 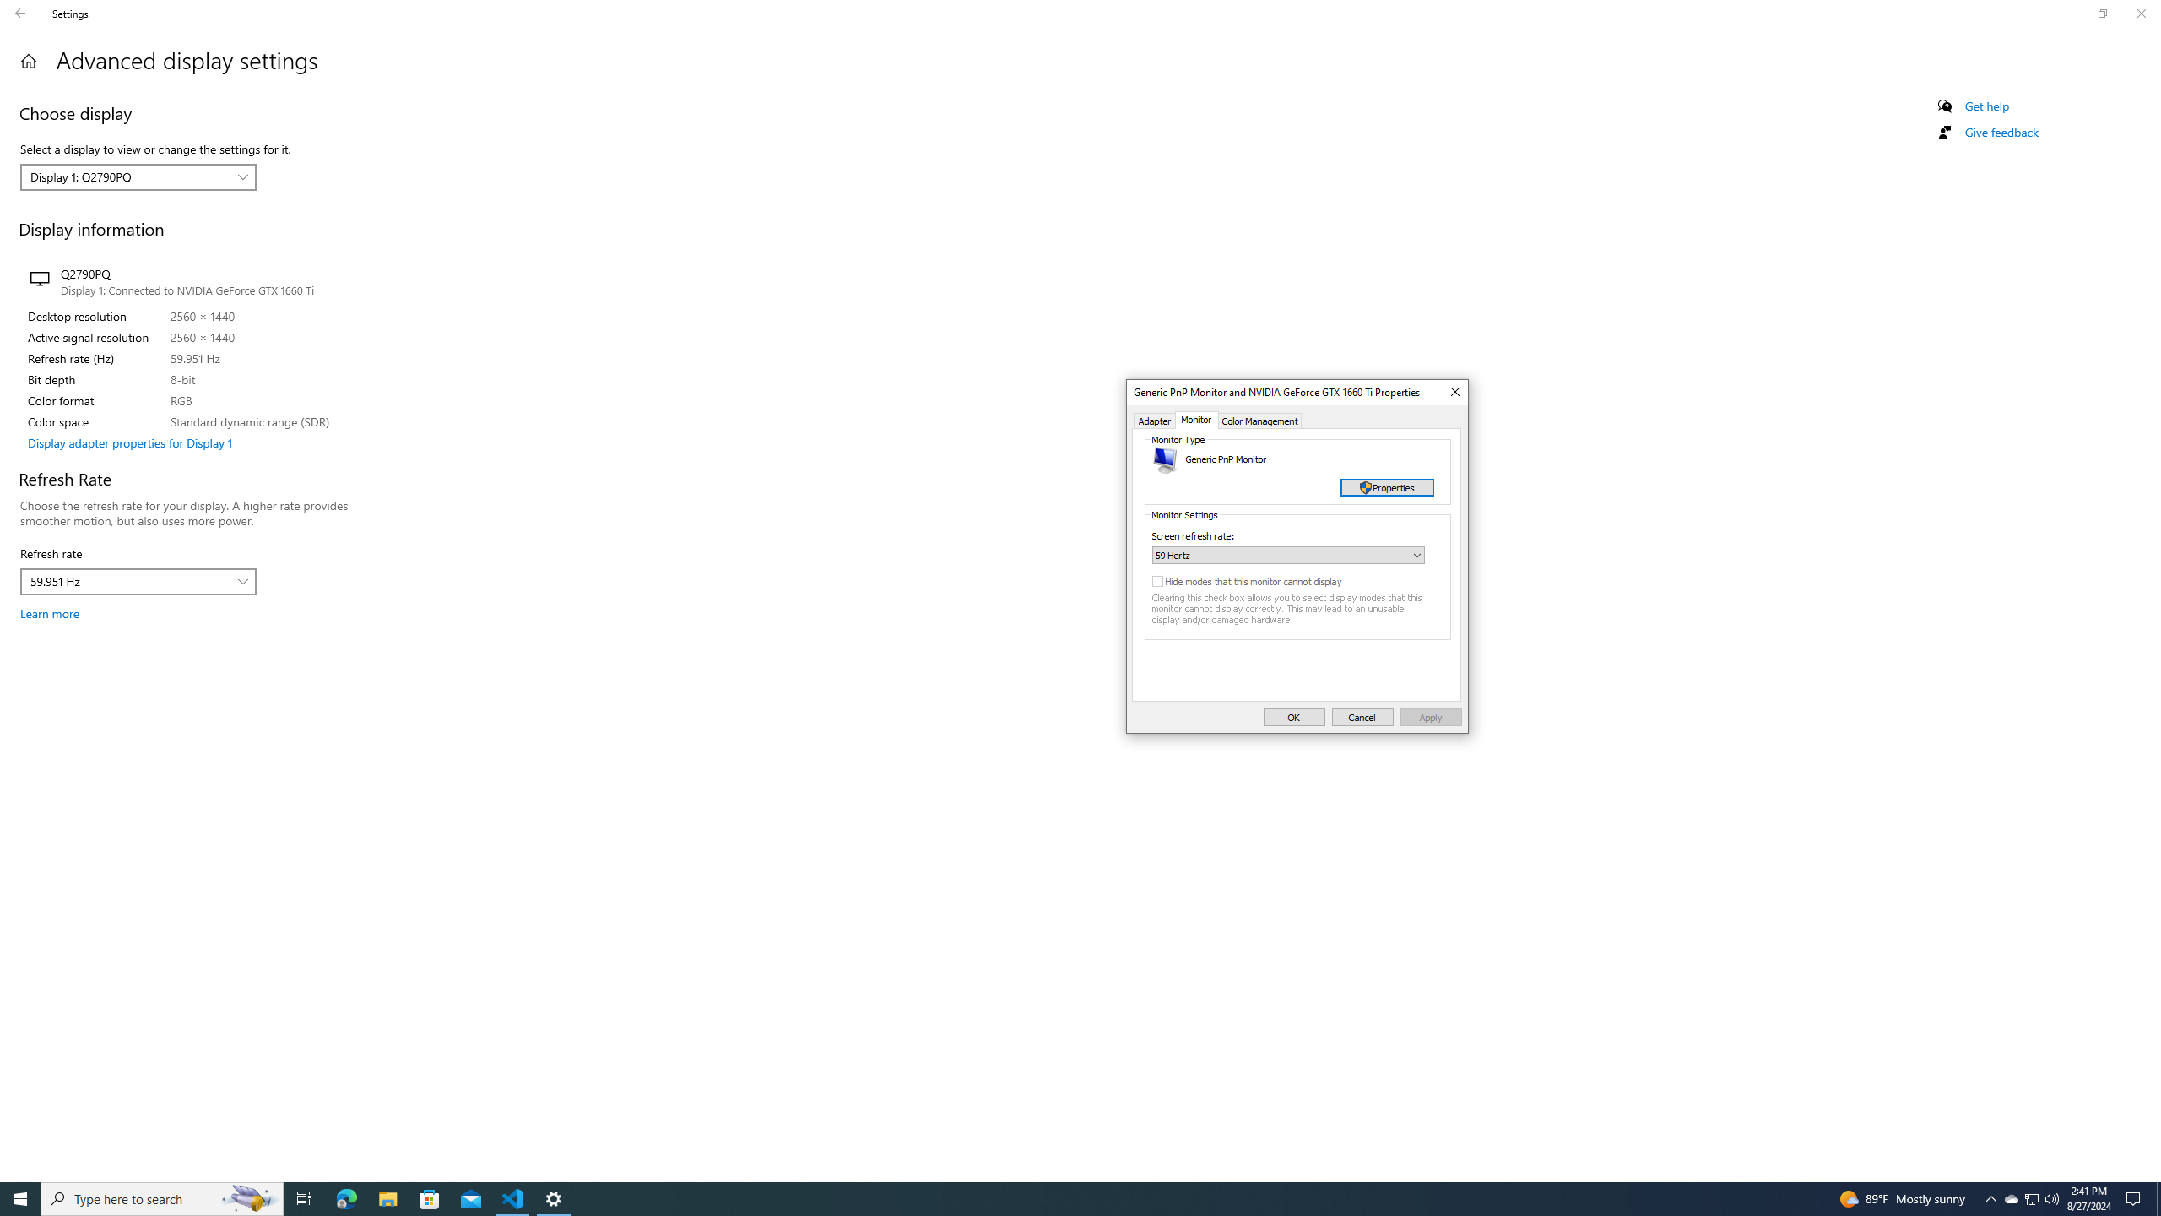 I want to click on 'Action Center, No new notifications', so click(x=2136, y=1197).